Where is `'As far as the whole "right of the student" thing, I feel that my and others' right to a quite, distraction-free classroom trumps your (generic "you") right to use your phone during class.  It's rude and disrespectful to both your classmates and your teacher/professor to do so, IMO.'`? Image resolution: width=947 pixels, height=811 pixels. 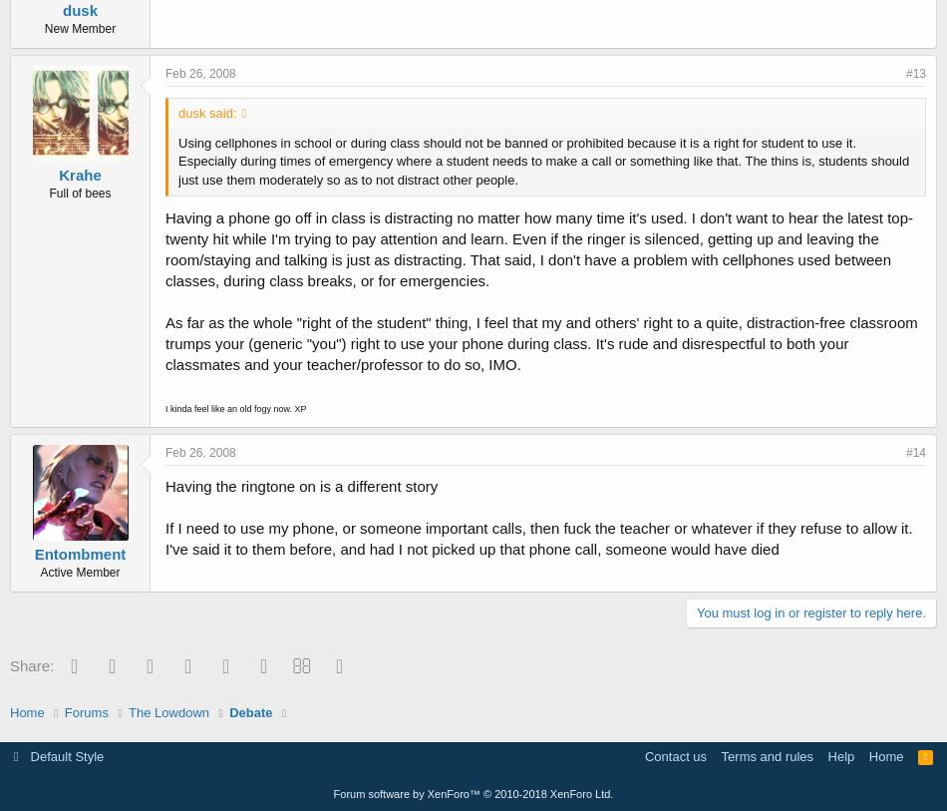 'As far as the whole "right of the student" thing, I feel that my and others' right to a quite, distraction-free classroom trumps your (generic "you") right to use your phone during class.  It's rude and disrespectful to both your classmates and your teacher/professor to do so, IMO.' is located at coordinates (541, 341).